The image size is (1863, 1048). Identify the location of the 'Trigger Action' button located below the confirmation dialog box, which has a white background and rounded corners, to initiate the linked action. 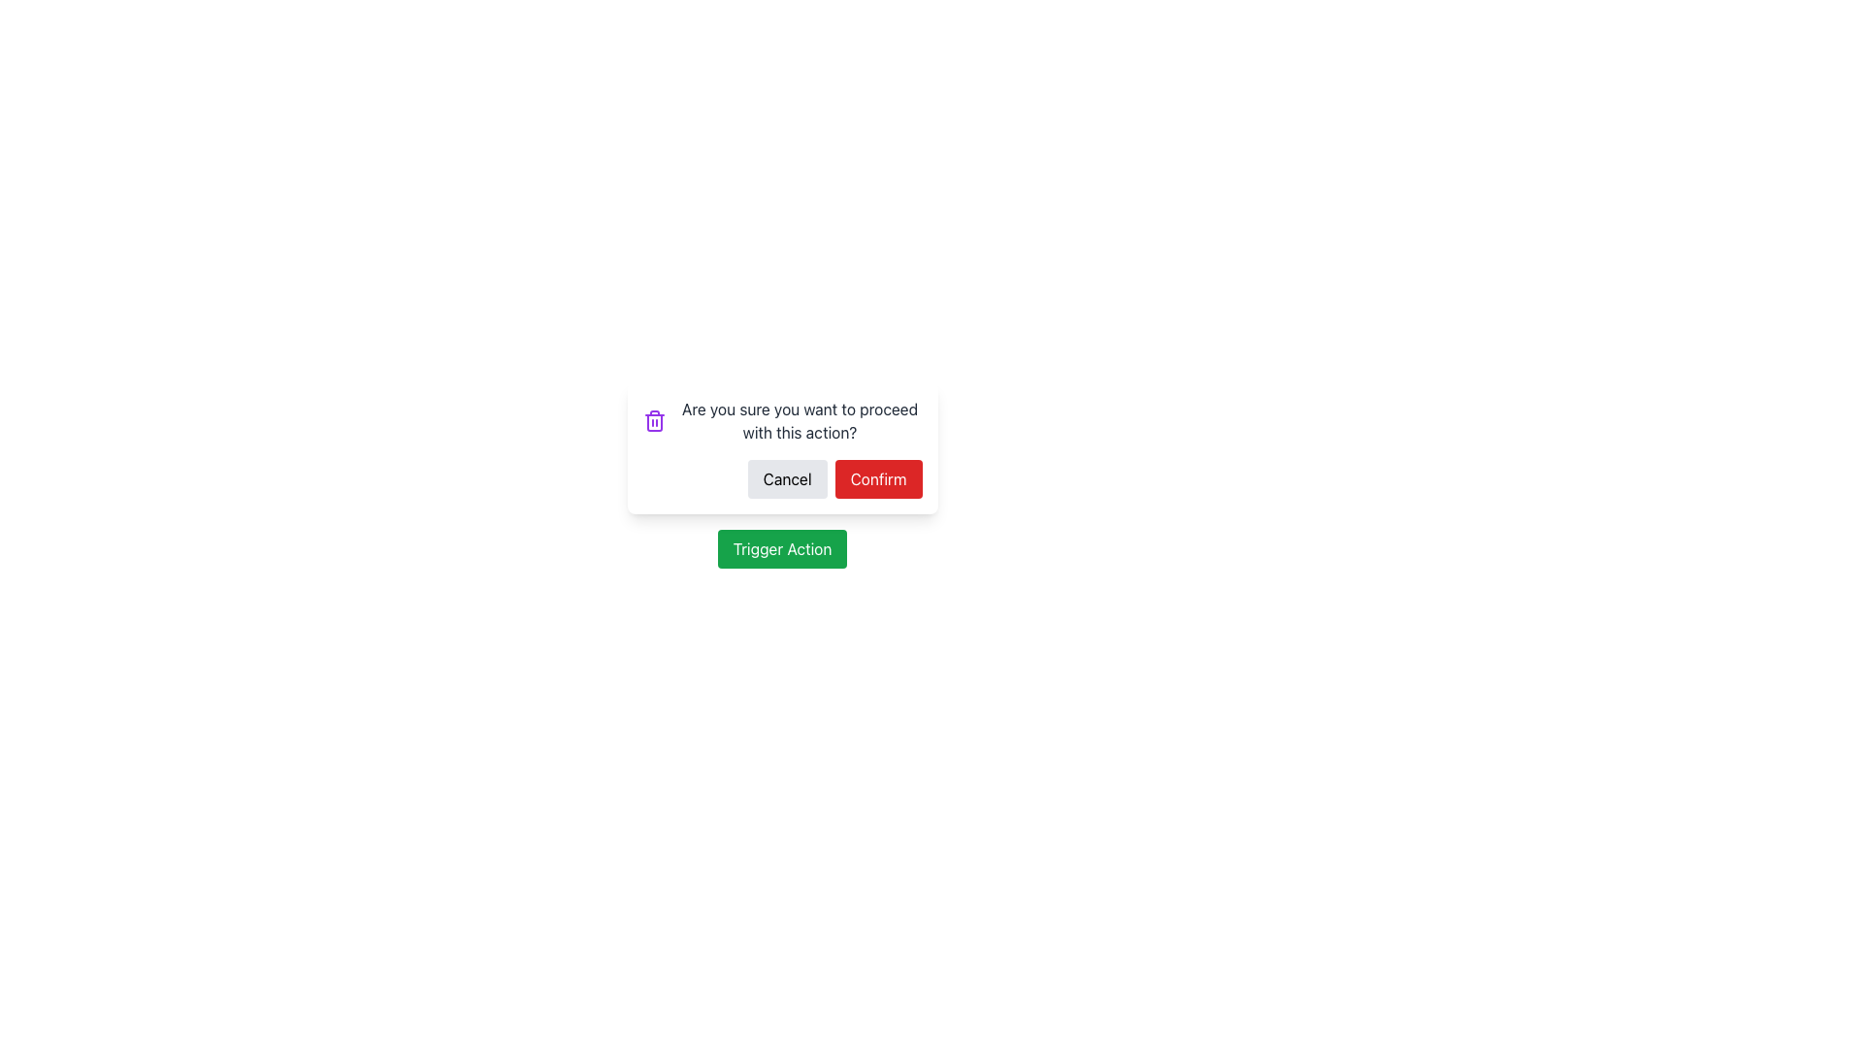
(782, 530).